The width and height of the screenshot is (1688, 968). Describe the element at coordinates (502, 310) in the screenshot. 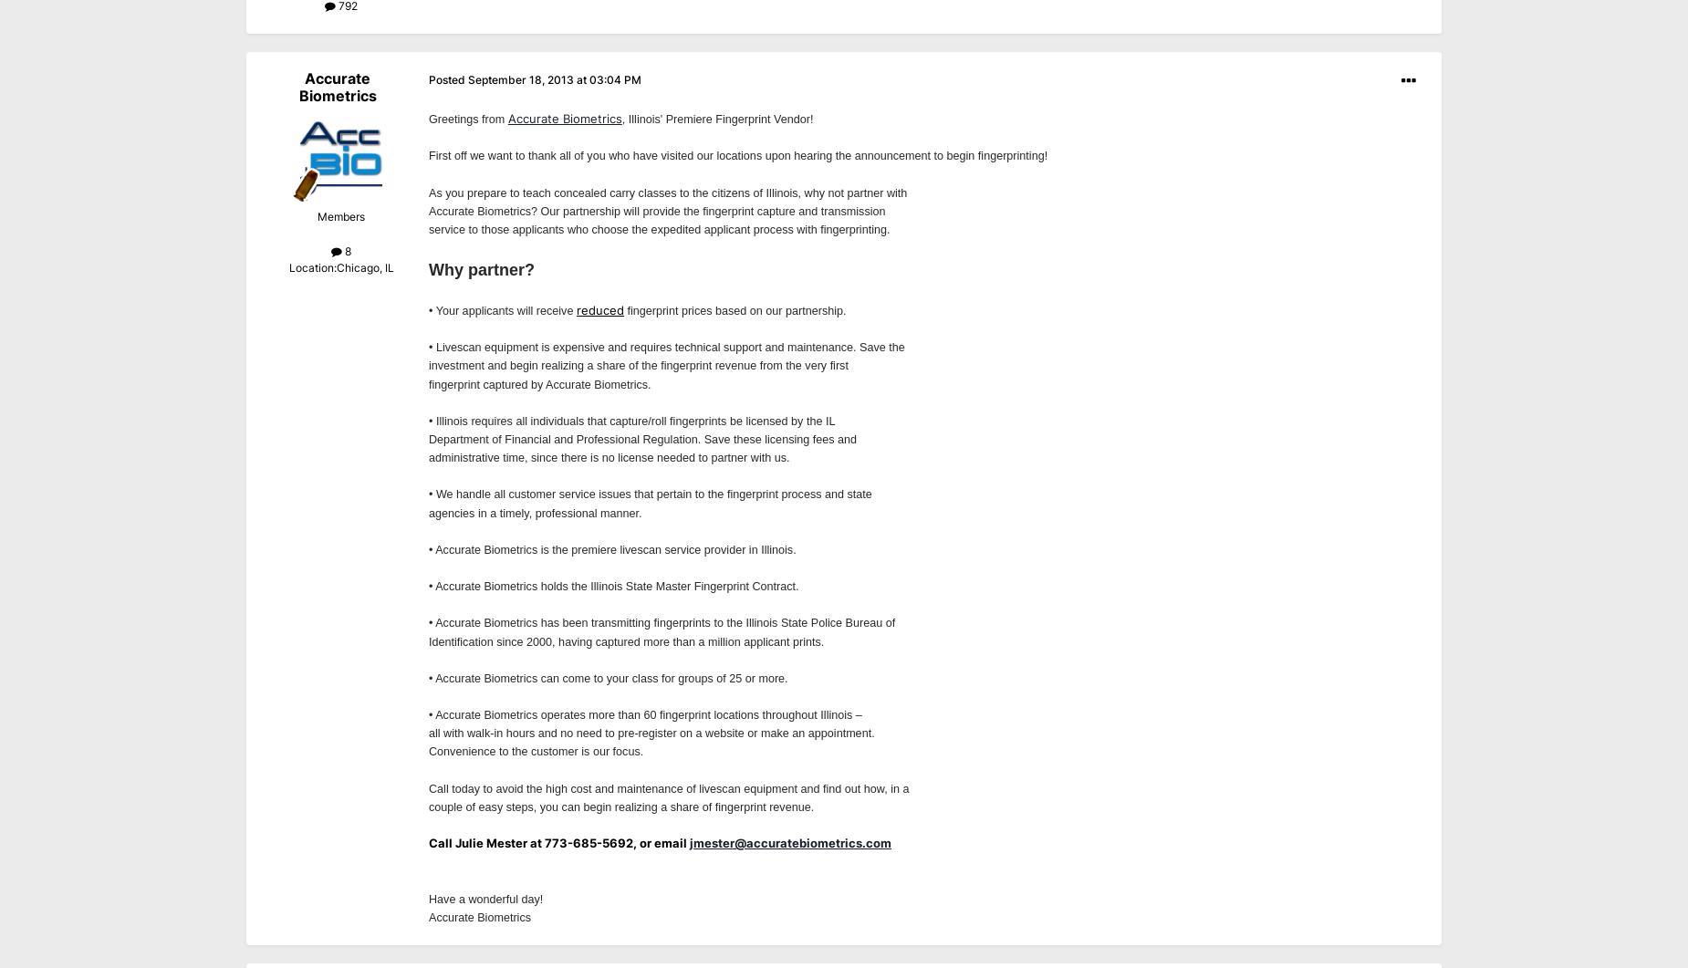

I see `'• Your applicants will receive'` at that location.